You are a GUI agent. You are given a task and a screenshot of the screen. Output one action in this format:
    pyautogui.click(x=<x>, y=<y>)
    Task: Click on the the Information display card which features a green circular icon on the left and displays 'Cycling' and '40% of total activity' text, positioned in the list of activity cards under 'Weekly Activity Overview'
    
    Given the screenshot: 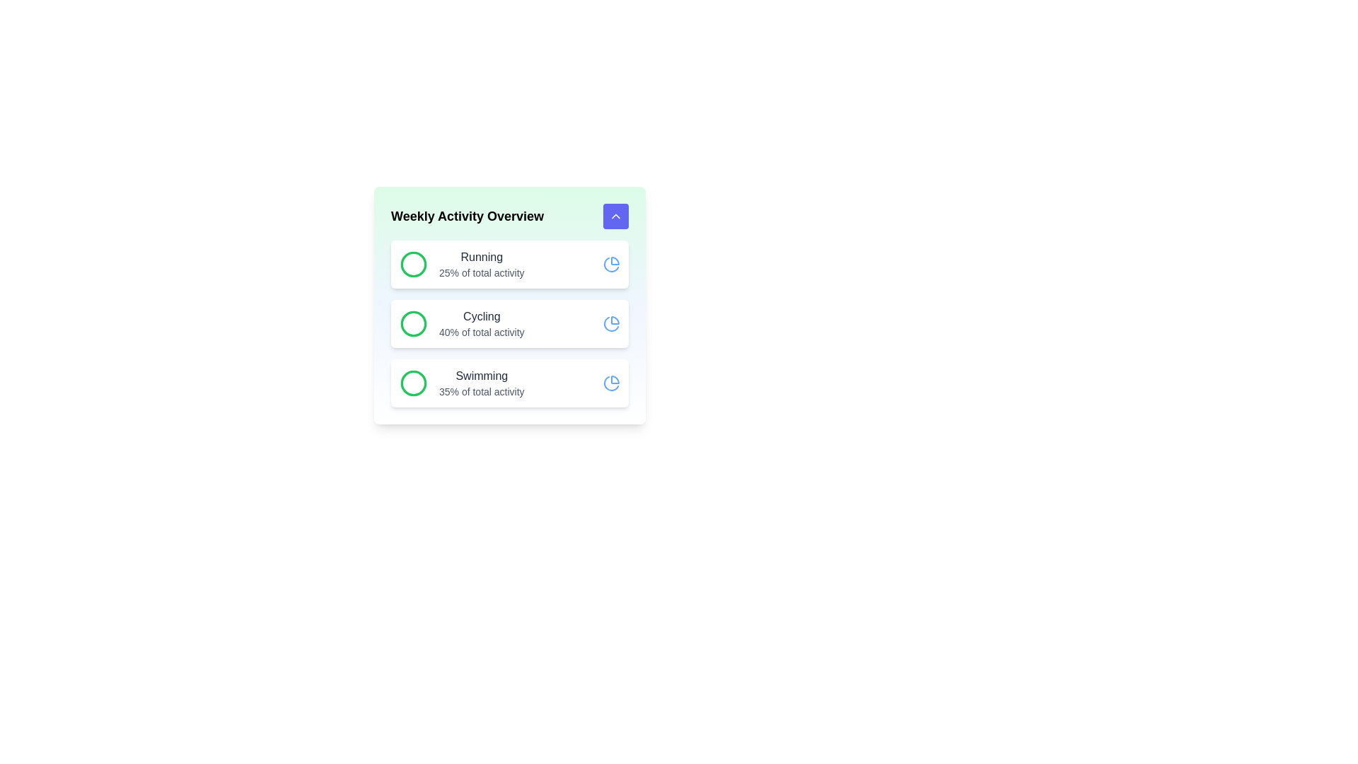 What is the action you would take?
    pyautogui.click(x=509, y=324)
    